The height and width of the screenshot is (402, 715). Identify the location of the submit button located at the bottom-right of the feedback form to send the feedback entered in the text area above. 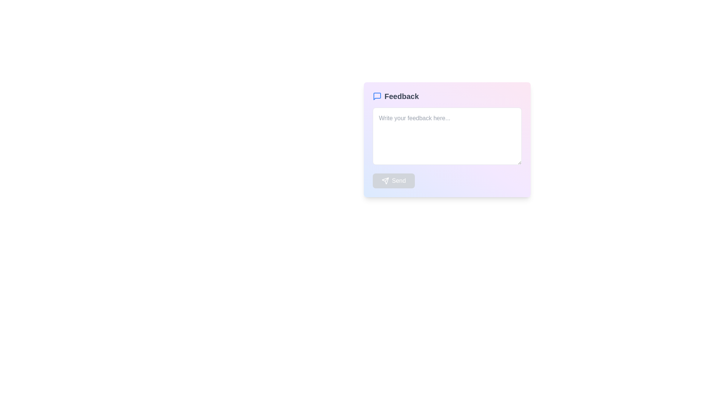
(393, 181).